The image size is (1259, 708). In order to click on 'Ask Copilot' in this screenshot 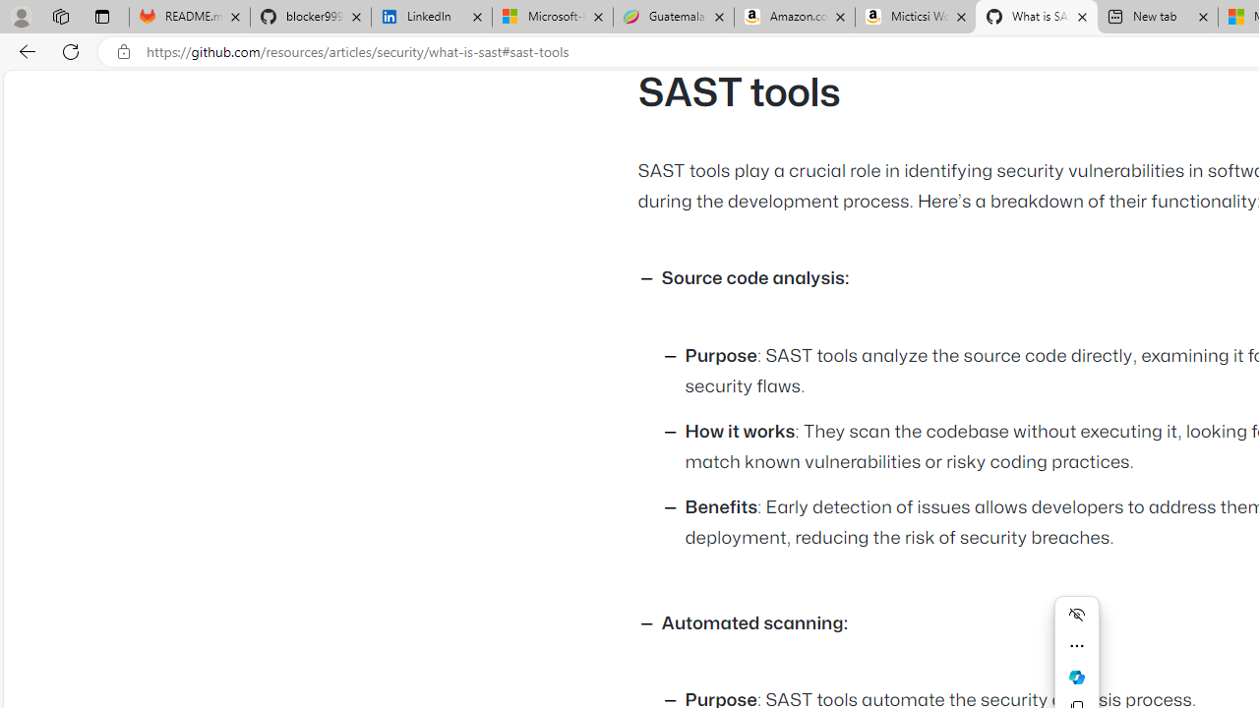, I will do `click(1076, 677)`.